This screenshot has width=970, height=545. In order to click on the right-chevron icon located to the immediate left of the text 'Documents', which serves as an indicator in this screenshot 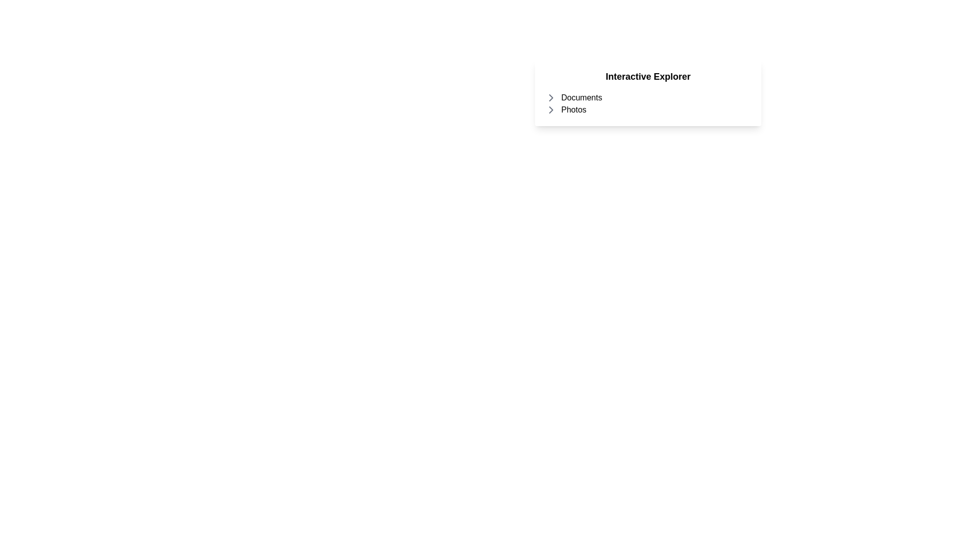, I will do `click(550, 97)`.